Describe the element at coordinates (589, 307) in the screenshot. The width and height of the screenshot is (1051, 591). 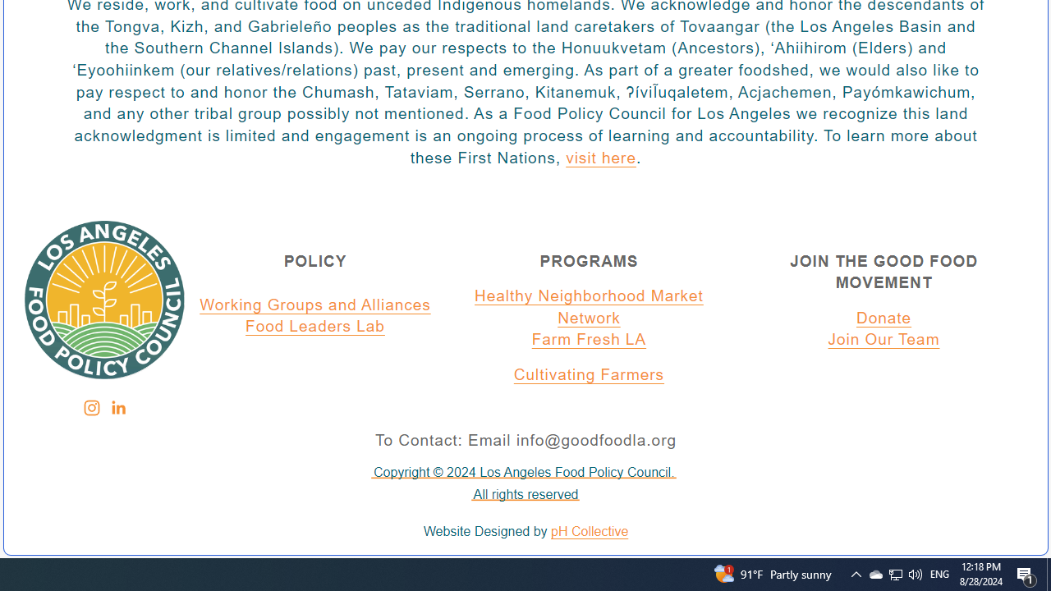
I see `'Healthy Neighborhood Market Network'` at that location.